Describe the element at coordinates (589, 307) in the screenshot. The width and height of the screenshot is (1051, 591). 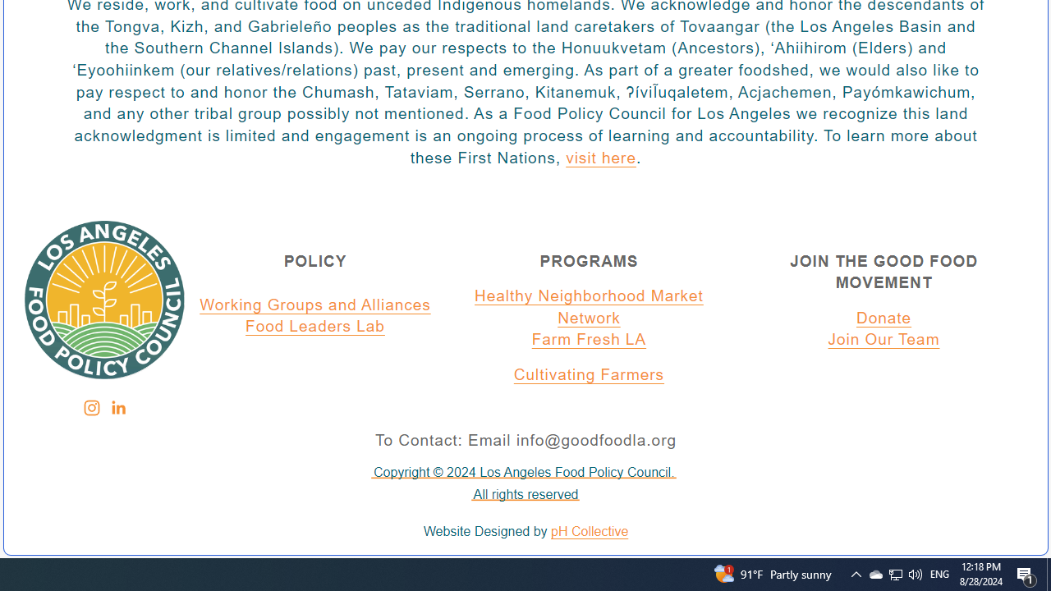
I see `'Healthy Neighborhood Market Network'` at that location.